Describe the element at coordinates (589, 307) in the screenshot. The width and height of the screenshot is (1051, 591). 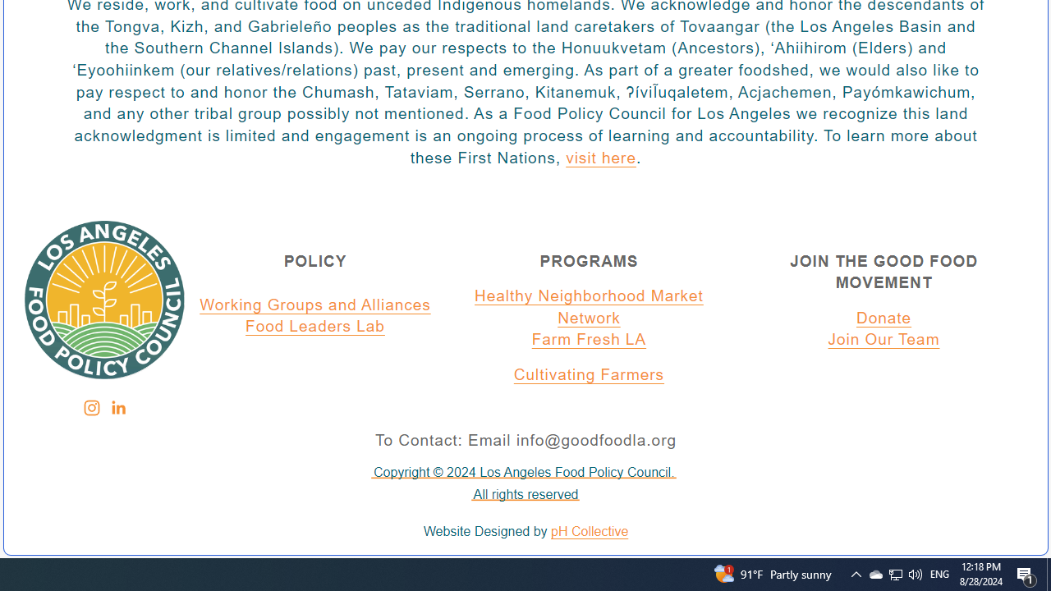
I see `'Healthy Neighborhood Market Network'` at that location.